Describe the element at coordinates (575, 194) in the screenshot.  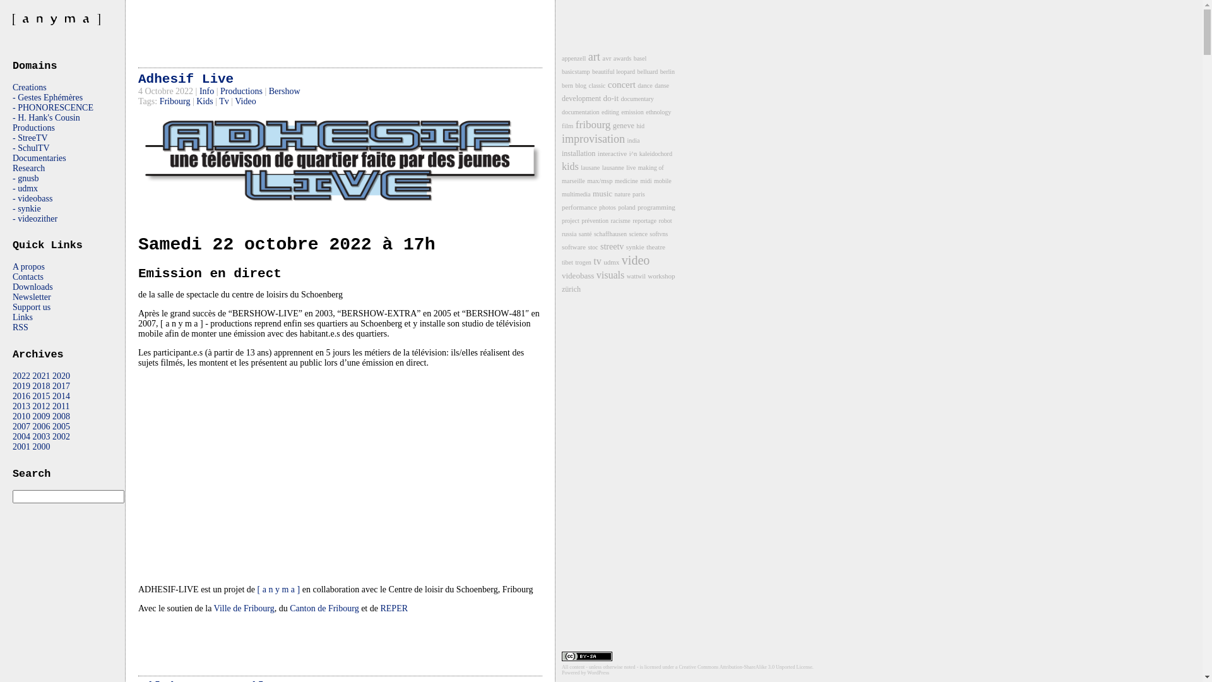
I see `'multimedia'` at that location.